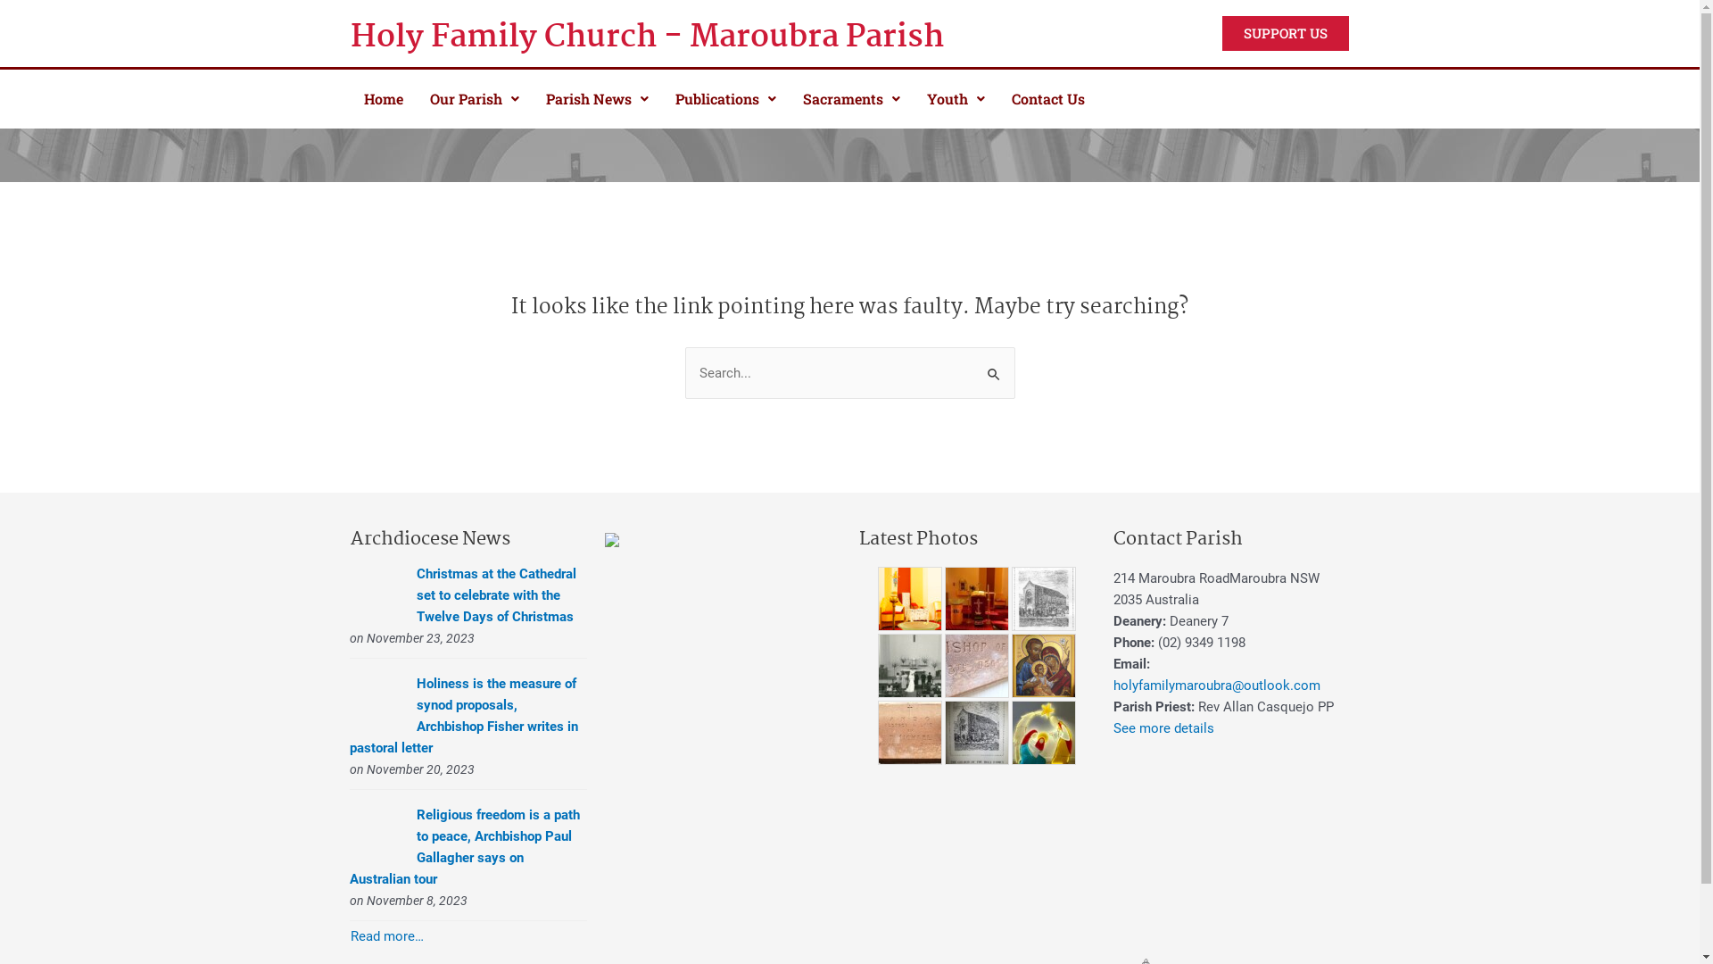 The image size is (1713, 964). I want to click on 'Search', so click(993, 363).